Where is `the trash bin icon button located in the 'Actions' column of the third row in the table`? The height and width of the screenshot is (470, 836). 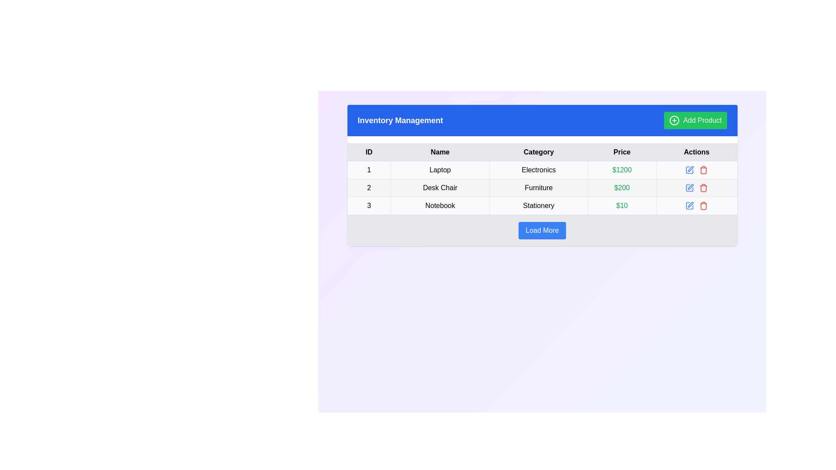
the trash bin icon button located in the 'Actions' column of the third row in the table is located at coordinates (704, 206).